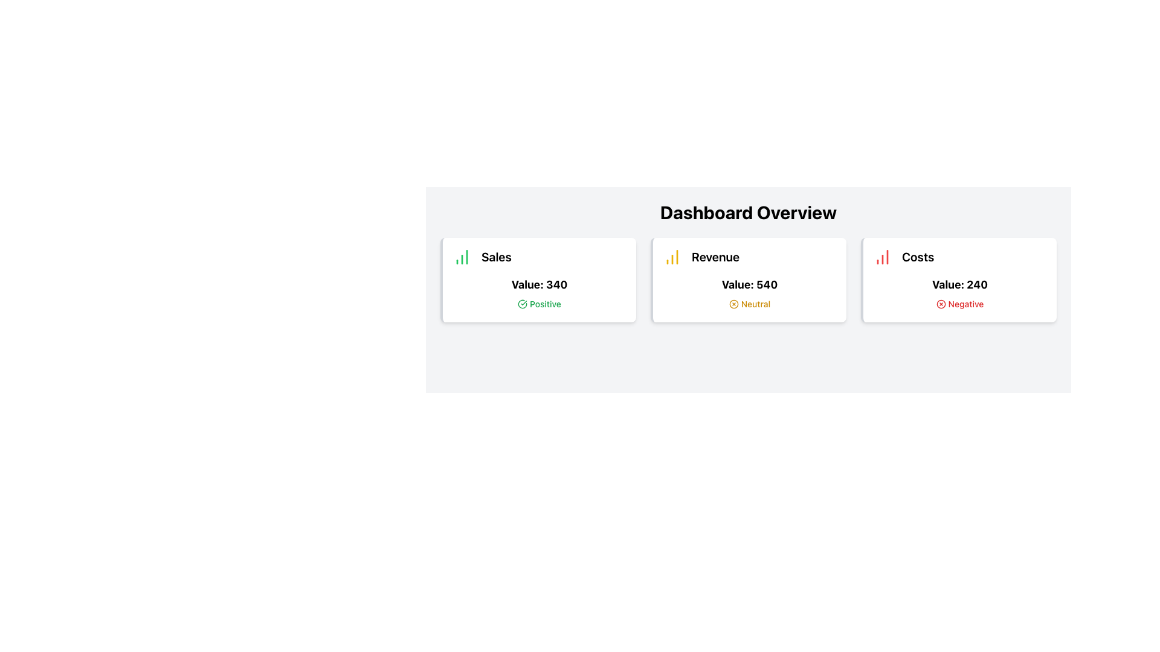 This screenshot has height=652, width=1160. Describe the element at coordinates (749, 304) in the screenshot. I see `the Decorative Label displaying the word 'Neutral' with a circular icon, located at the bottom of the middle card labeled 'Revenue', below 'Value: 540'` at that location.